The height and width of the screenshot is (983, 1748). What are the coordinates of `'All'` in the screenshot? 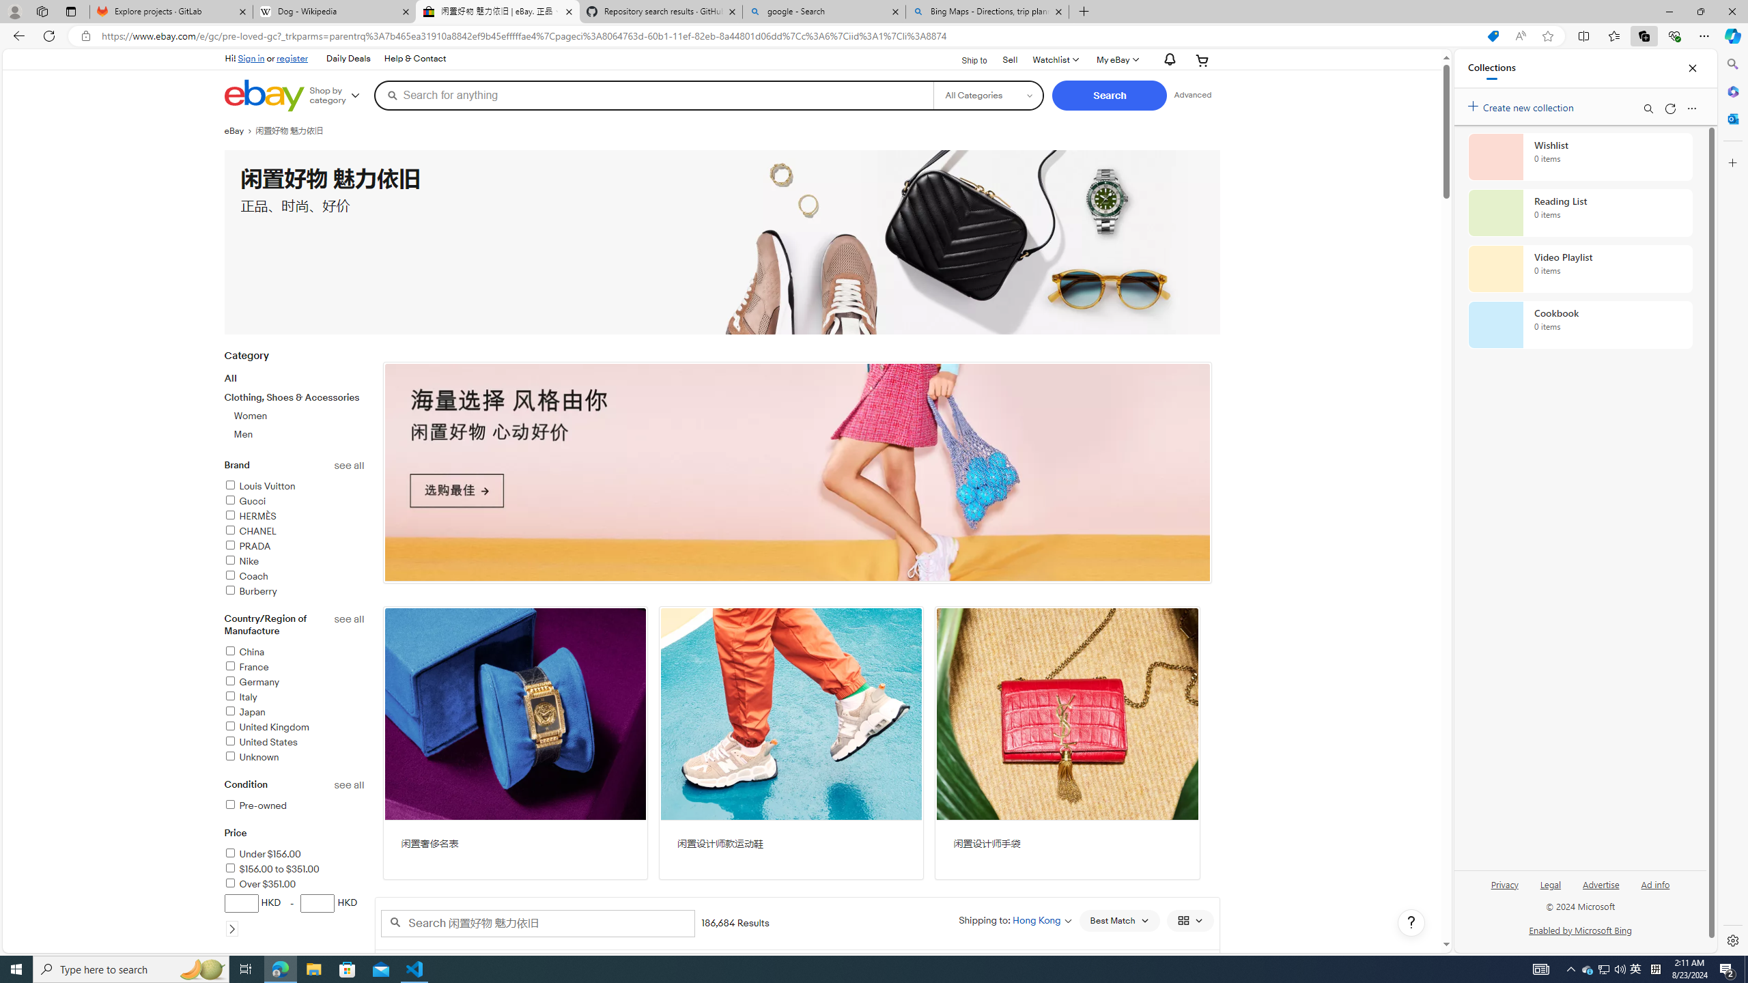 It's located at (230, 378).